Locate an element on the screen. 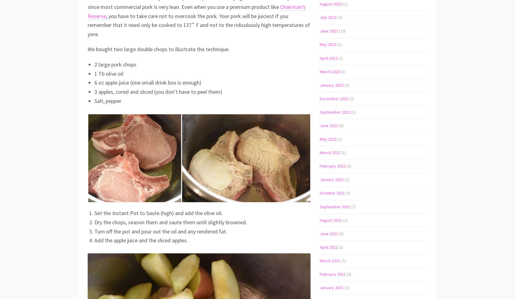 The image size is (515, 299). 'May 2022' is located at coordinates (328, 139).